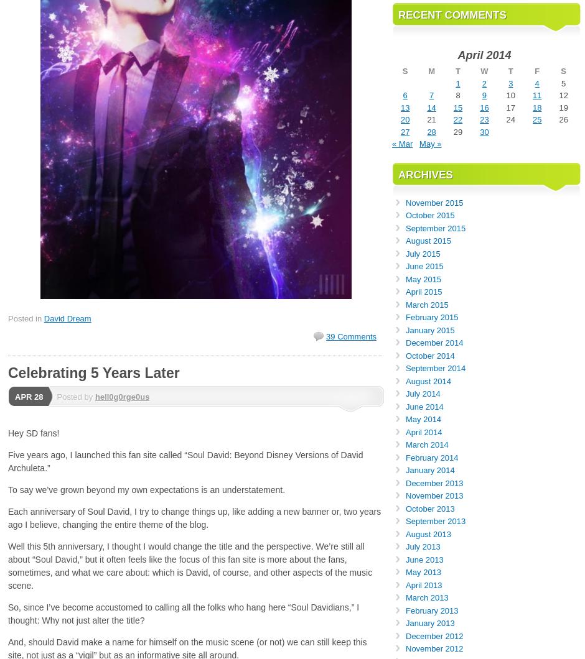 The height and width of the screenshot is (659, 585). What do you see at coordinates (423, 406) in the screenshot?
I see `'June 2014'` at bounding box center [423, 406].